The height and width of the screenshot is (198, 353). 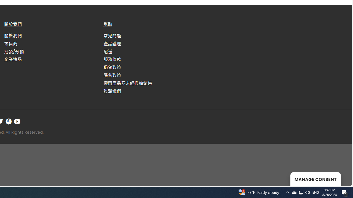 I want to click on 'MANAGE CONSENT', so click(x=315, y=179).